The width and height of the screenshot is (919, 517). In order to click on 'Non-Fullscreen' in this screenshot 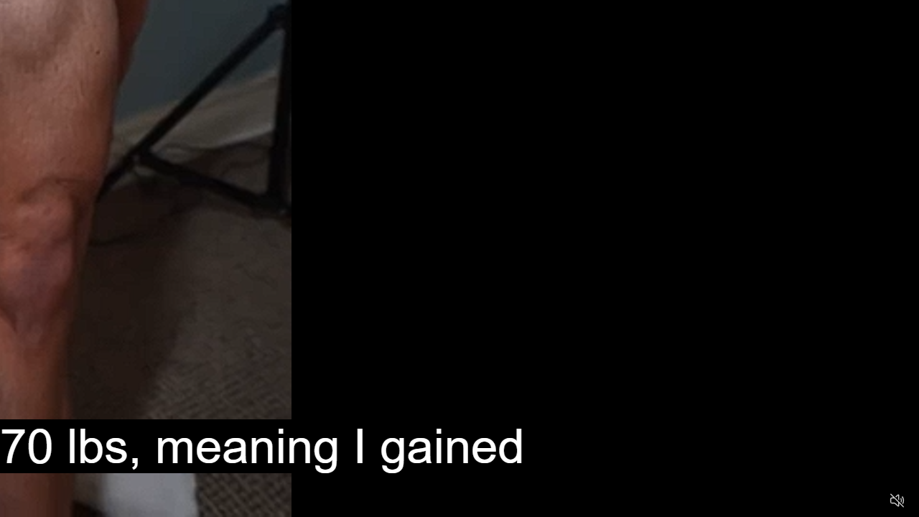, I will do `click(869, 500)`.